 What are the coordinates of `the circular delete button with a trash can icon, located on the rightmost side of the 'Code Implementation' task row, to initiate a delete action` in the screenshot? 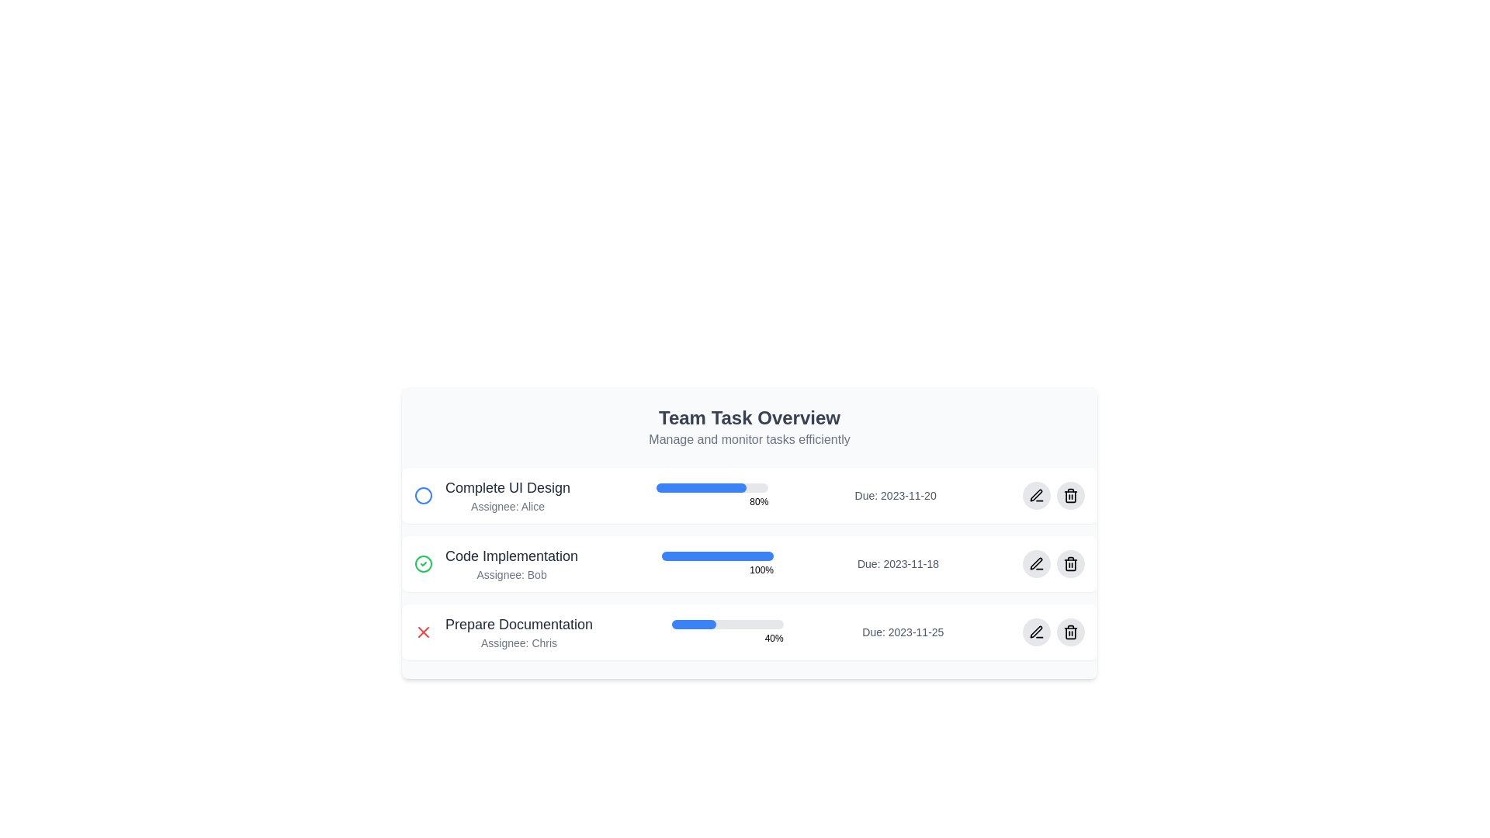 It's located at (1069, 563).